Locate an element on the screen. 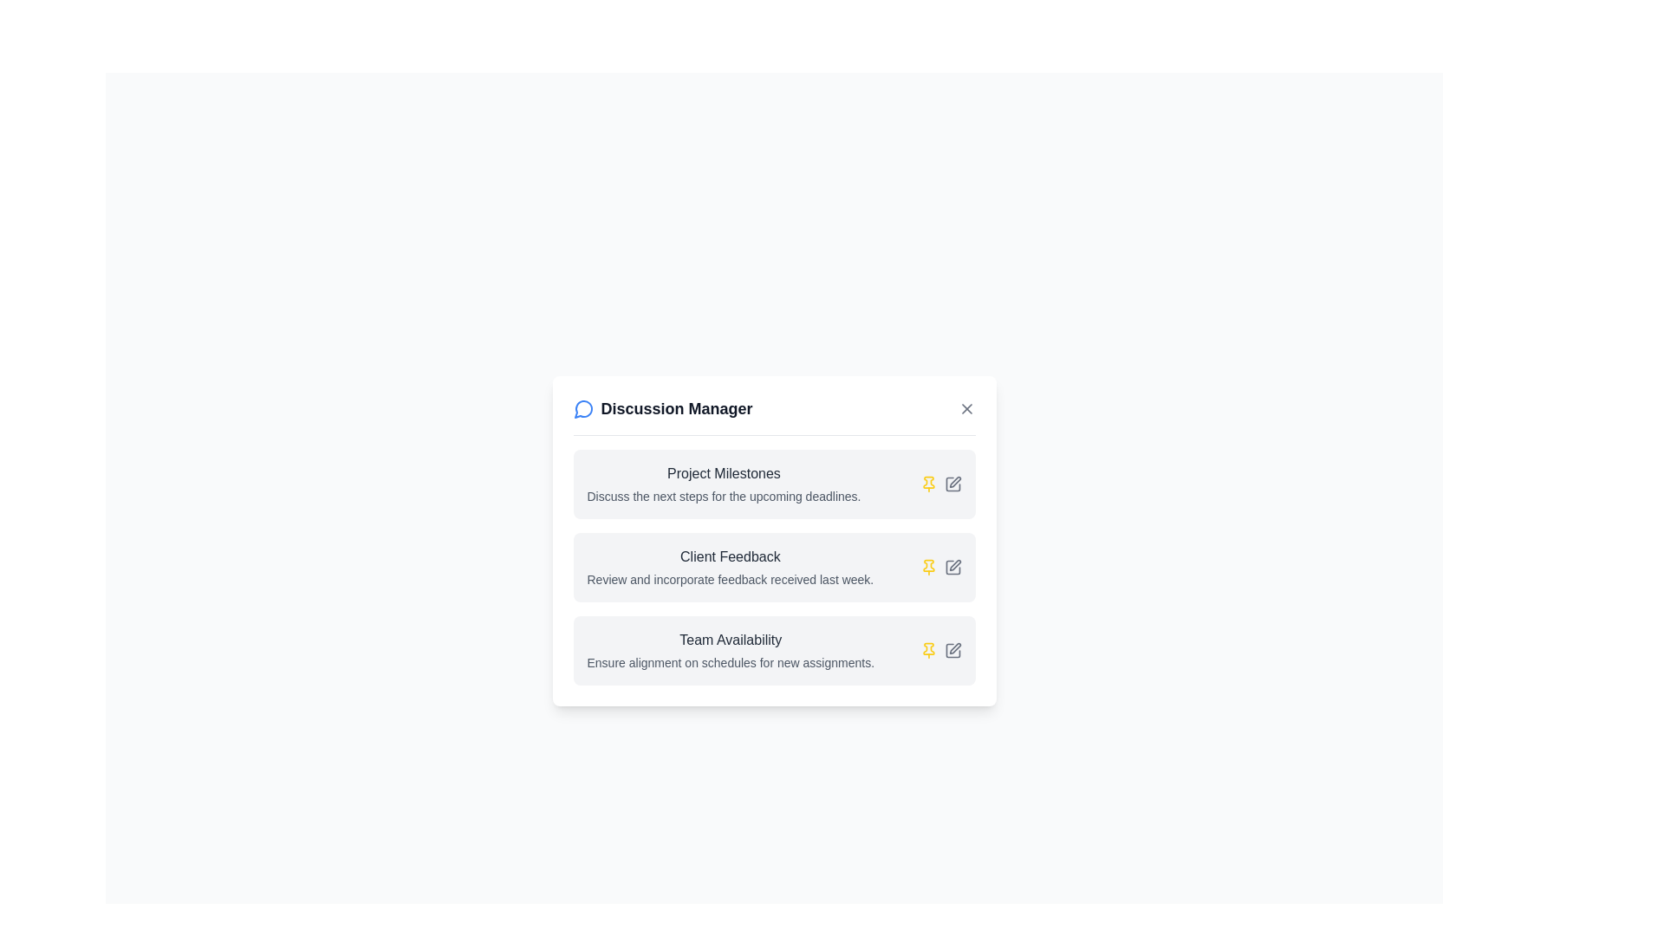 Image resolution: width=1664 pixels, height=936 pixels. the pen icon button in the top-right corner of the 'Client Feedback' row is located at coordinates (952, 567).